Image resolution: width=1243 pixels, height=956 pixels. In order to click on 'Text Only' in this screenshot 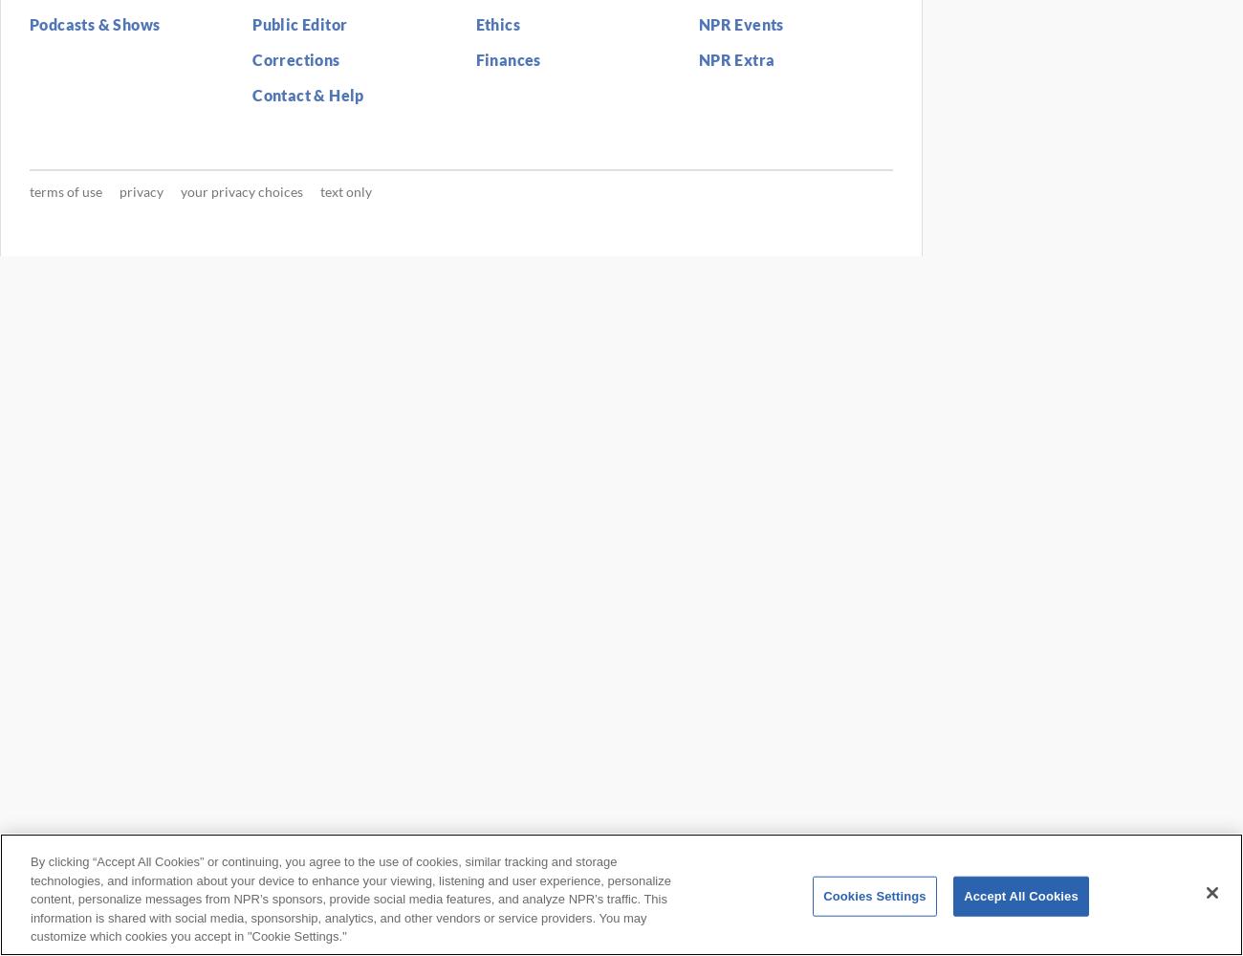, I will do `click(345, 189)`.